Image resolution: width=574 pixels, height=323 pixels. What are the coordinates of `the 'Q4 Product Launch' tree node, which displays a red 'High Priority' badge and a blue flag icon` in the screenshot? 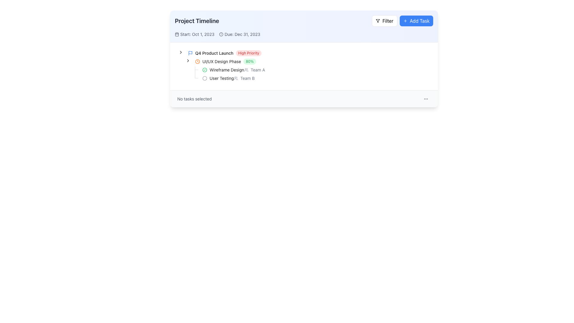 It's located at (220, 53).